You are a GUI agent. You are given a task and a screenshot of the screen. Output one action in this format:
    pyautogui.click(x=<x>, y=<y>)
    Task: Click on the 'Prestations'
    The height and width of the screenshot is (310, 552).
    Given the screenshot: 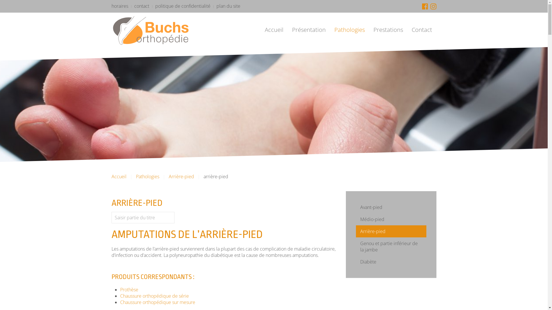 What is the action you would take?
    pyautogui.click(x=388, y=30)
    